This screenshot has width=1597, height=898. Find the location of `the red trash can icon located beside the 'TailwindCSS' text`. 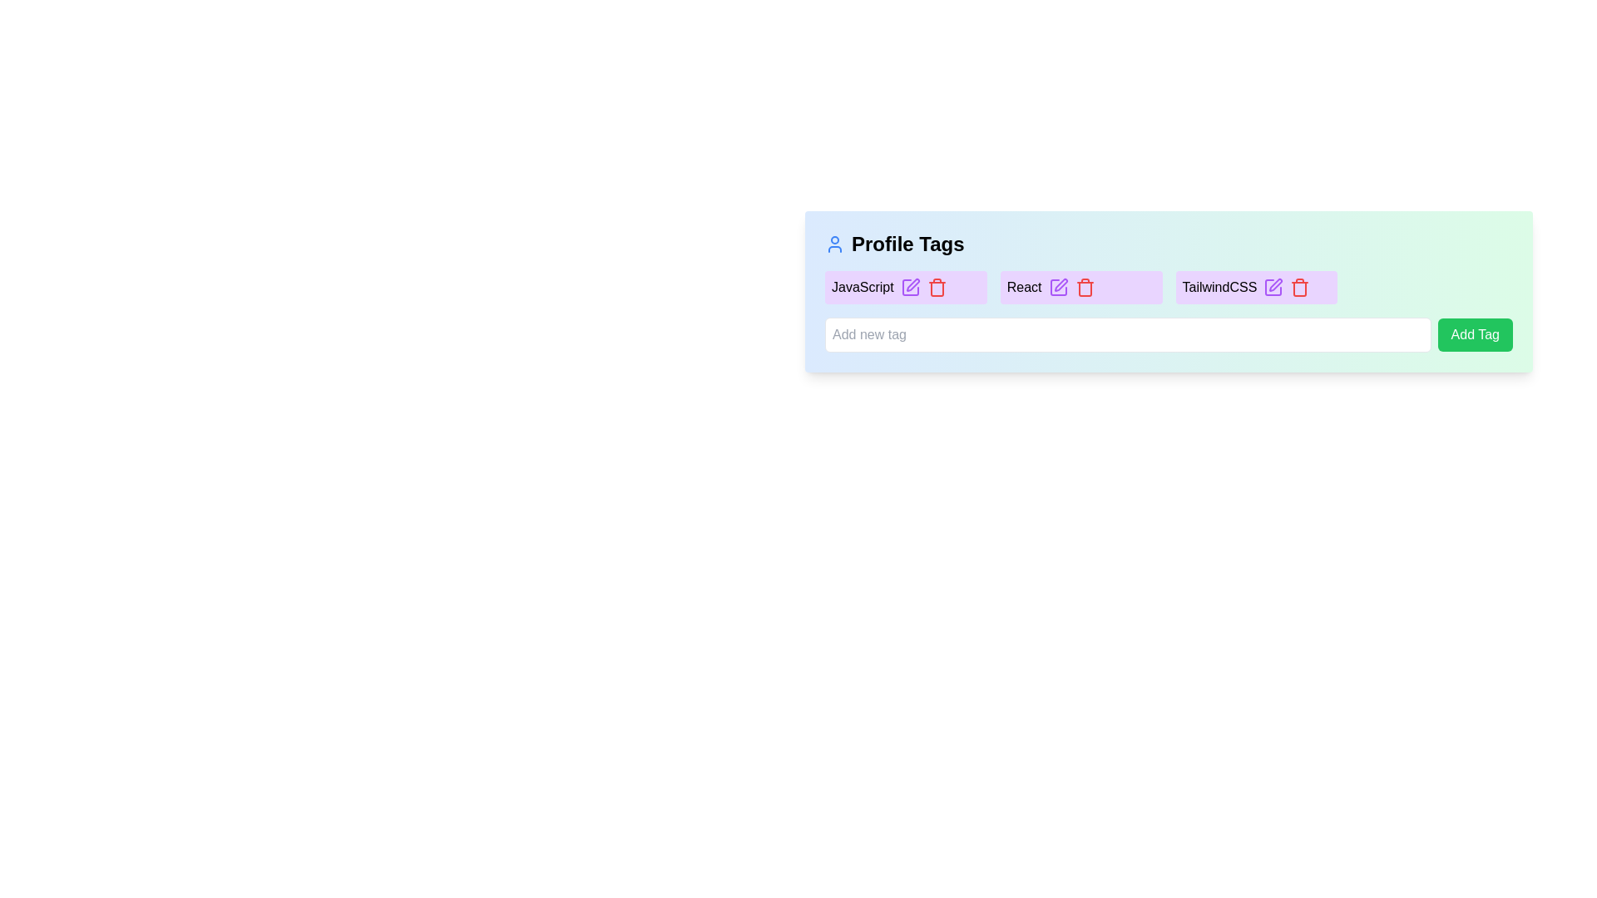

the red trash can icon located beside the 'TailwindCSS' text is located at coordinates (1299, 287).